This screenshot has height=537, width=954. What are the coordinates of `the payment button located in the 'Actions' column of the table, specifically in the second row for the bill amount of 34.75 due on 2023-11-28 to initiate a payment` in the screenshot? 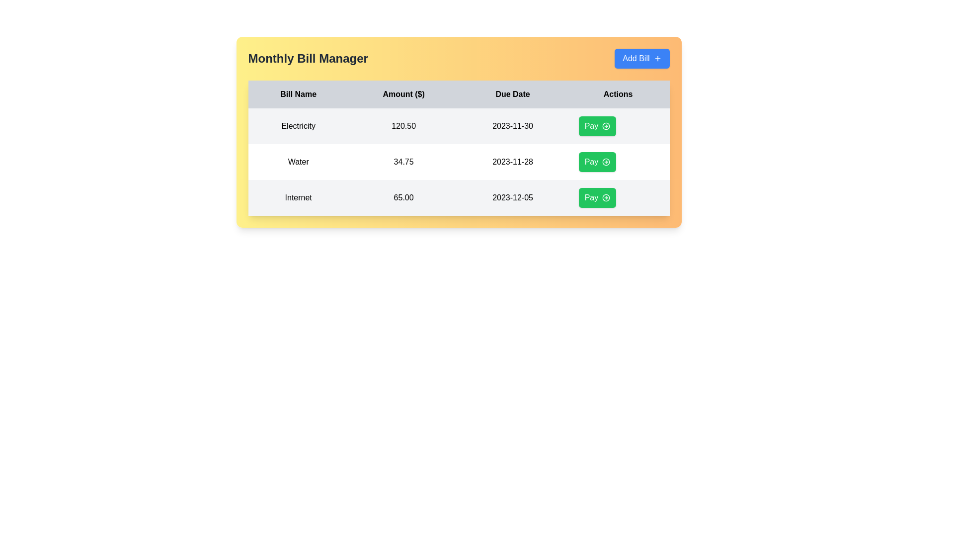 It's located at (597, 162).